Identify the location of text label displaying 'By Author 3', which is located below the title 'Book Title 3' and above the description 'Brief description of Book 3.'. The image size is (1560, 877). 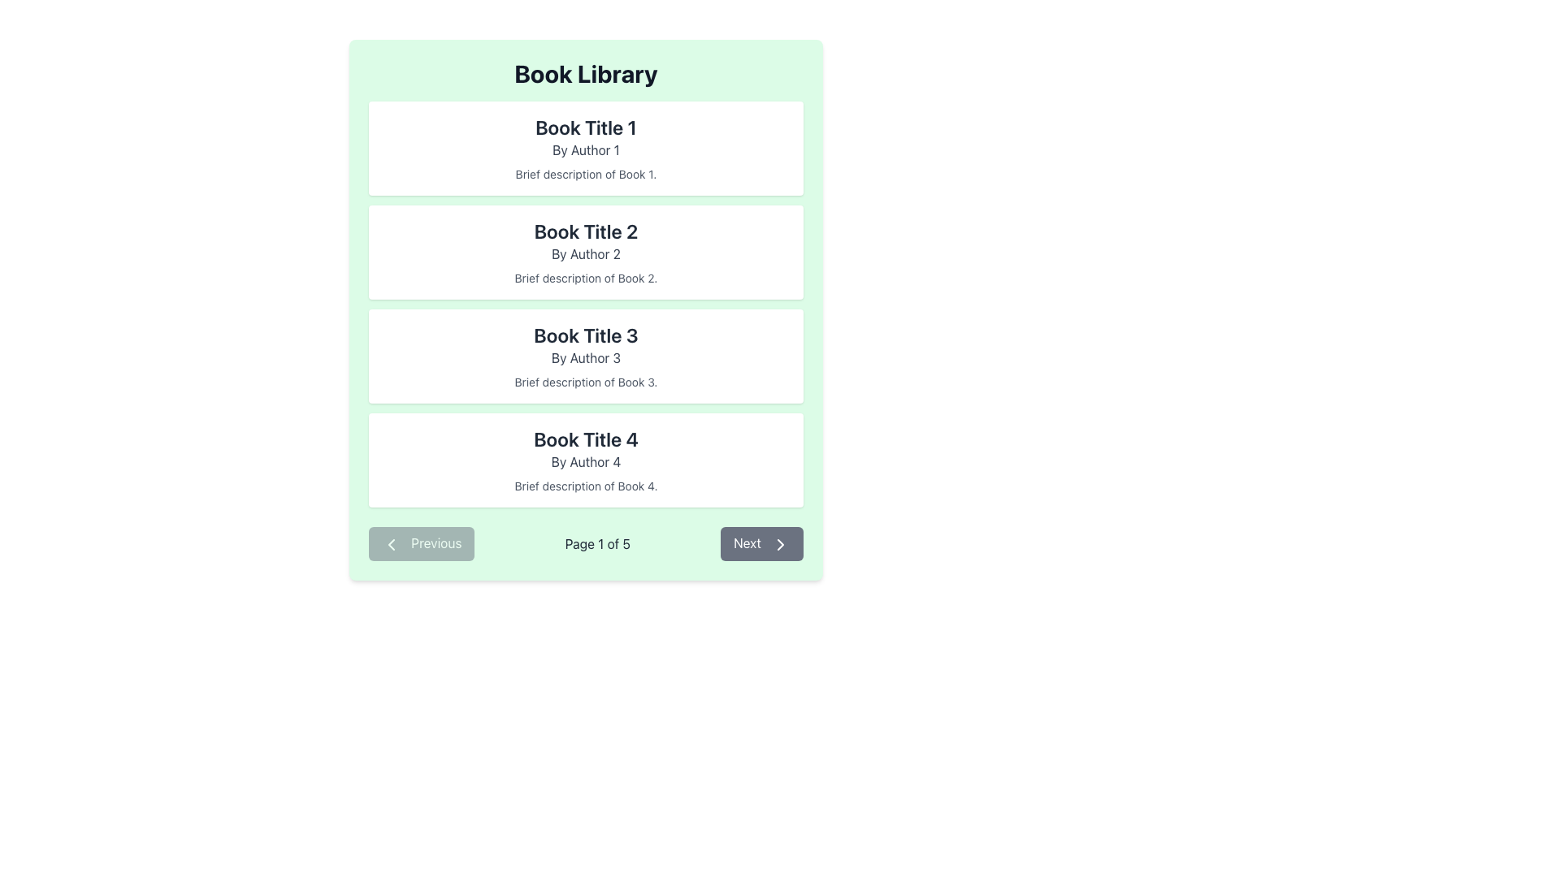
(585, 356).